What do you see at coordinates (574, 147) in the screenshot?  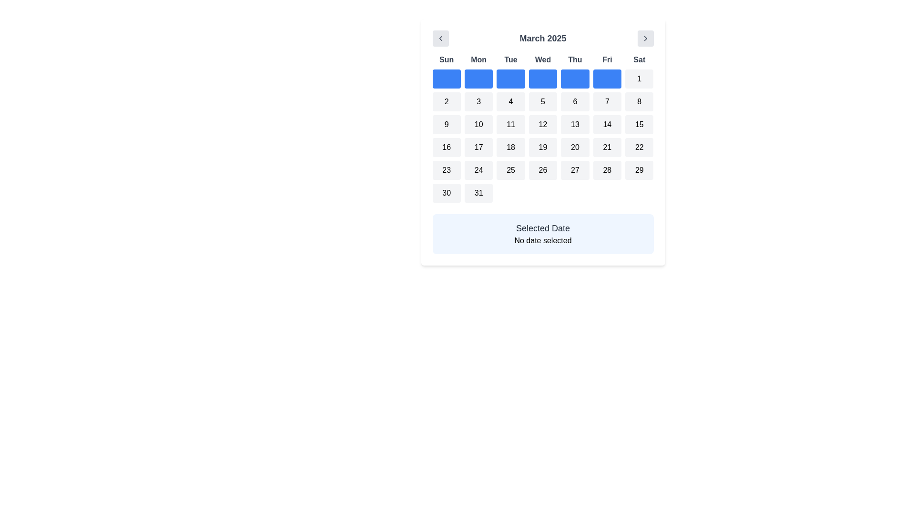 I see `the Button representing the 20th day of the month in the calendar grid layout` at bounding box center [574, 147].